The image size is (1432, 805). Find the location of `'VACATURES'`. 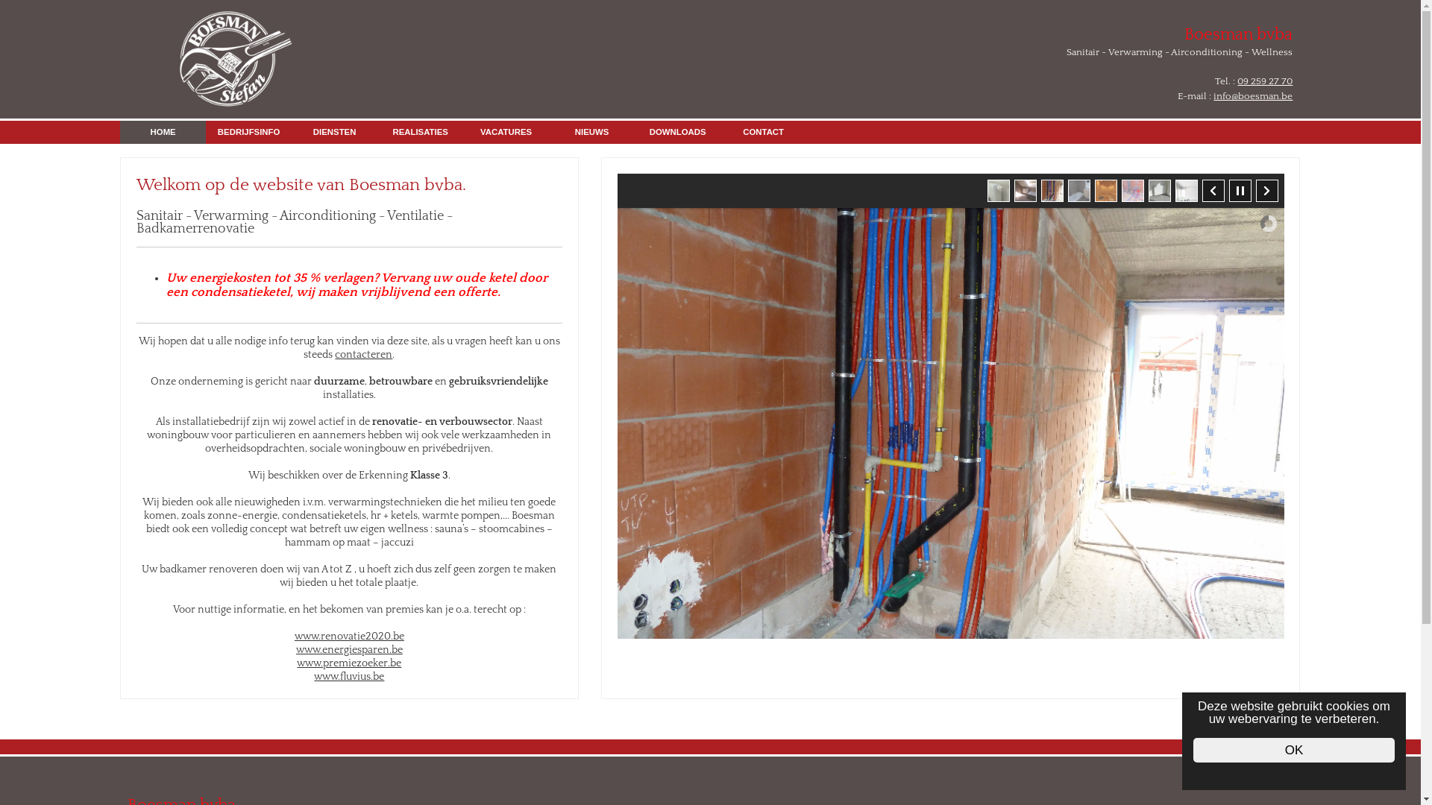

'VACATURES' is located at coordinates (506, 131).